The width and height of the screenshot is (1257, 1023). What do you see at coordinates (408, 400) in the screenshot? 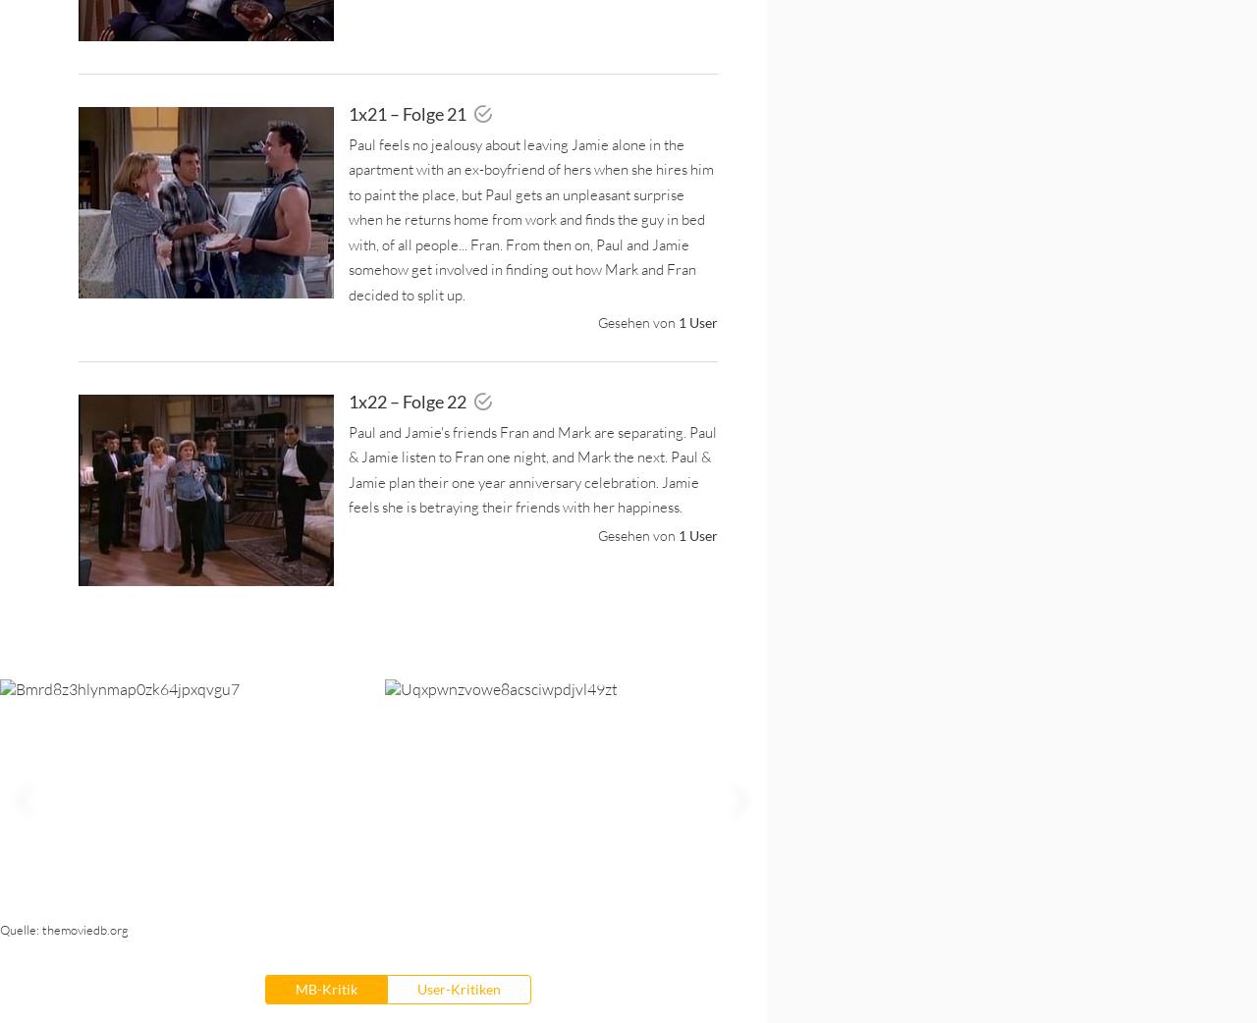
I see `'1x22 – Folge 22'` at bounding box center [408, 400].